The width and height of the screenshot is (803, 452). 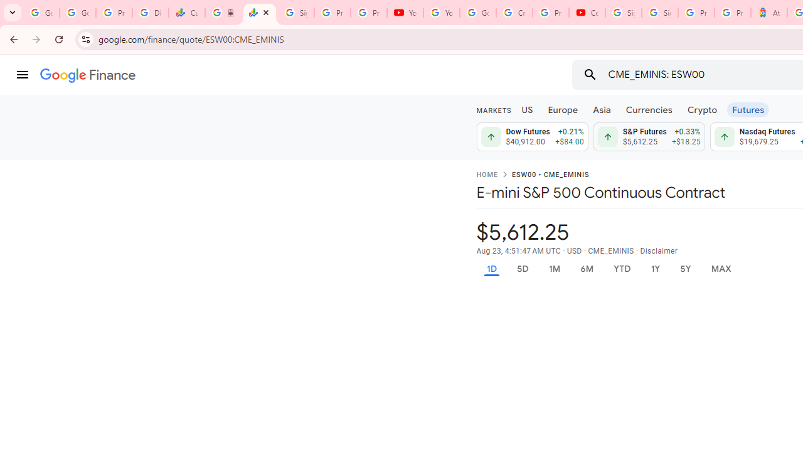 What do you see at coordinates (601, 109) in the screenshot?
I see `'Asia'` at bounding box center [601, 109].